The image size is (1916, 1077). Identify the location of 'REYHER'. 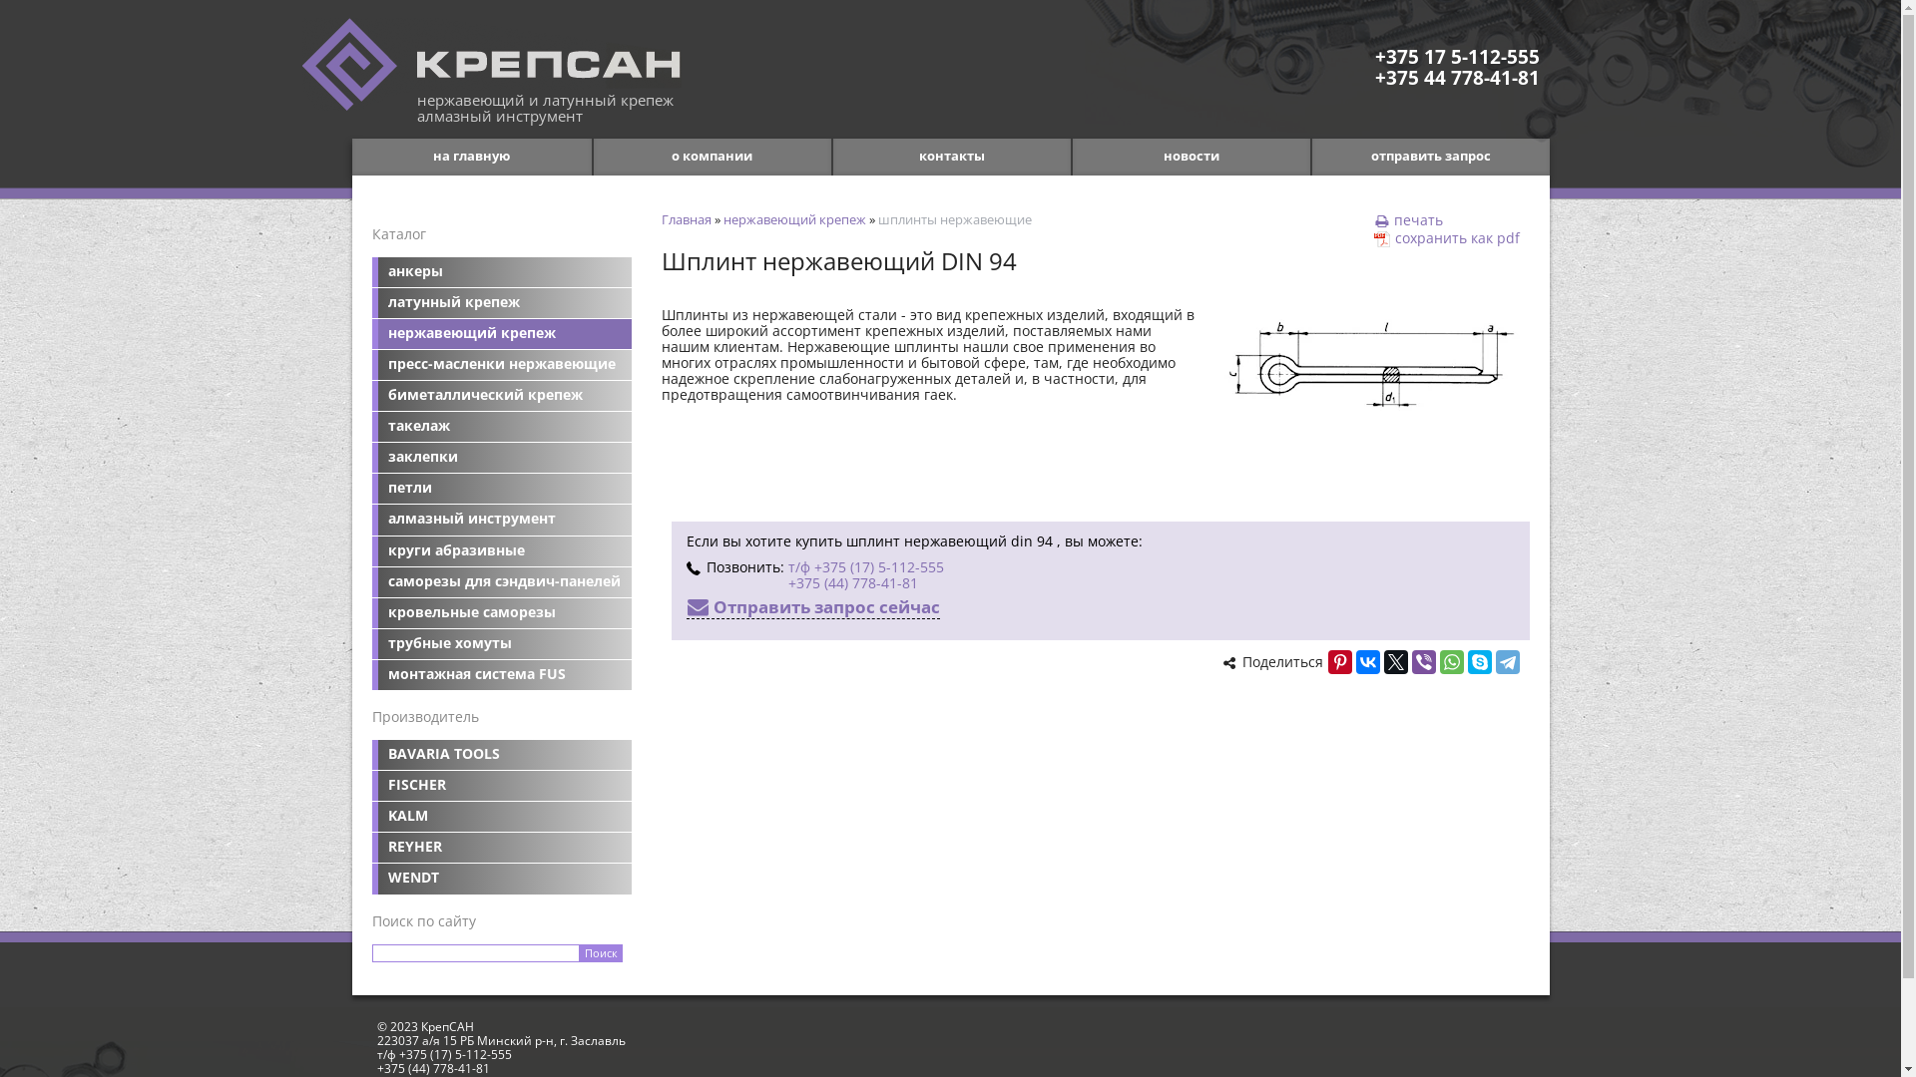
(501, 847).